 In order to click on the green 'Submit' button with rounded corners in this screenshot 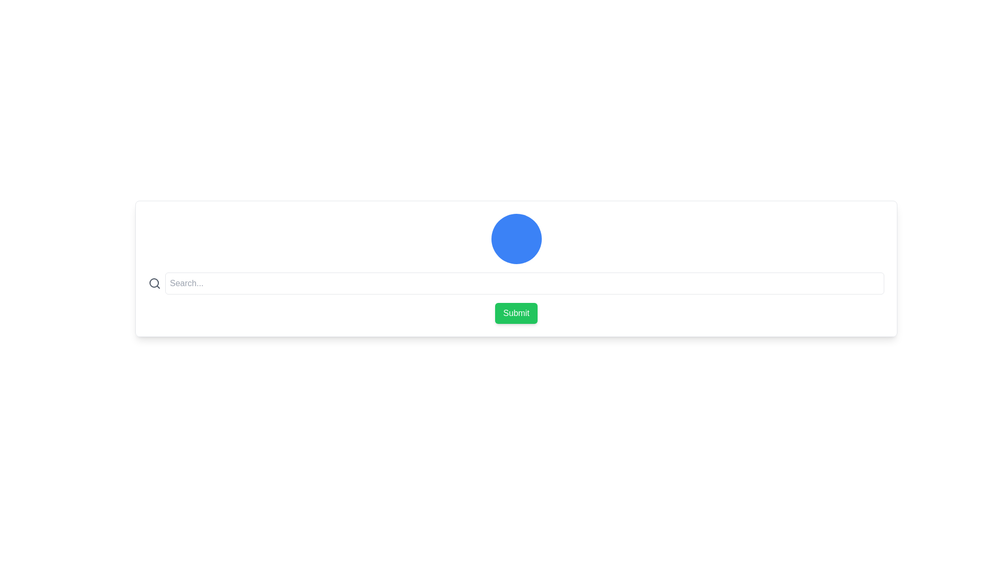, I will do `click(516, 312)`.